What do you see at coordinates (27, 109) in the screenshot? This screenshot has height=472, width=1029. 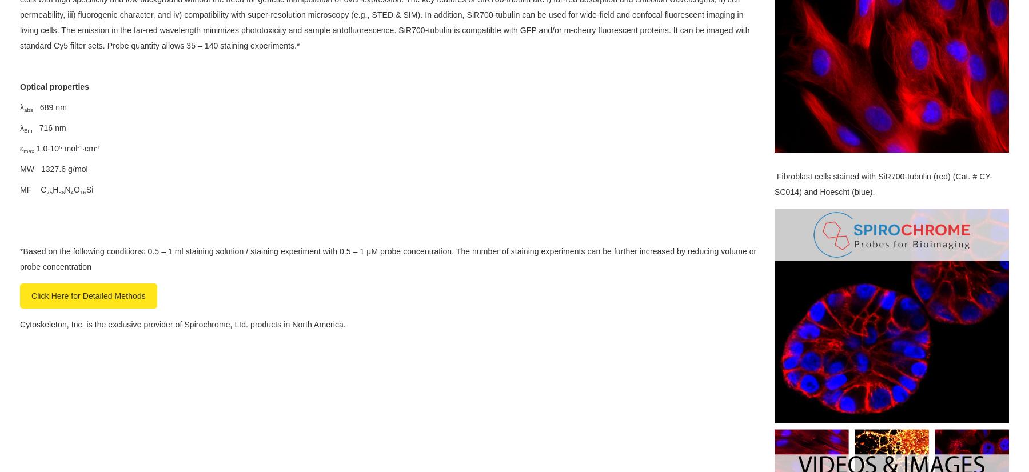 I see `'abs'` at bounding box center [27, 109].